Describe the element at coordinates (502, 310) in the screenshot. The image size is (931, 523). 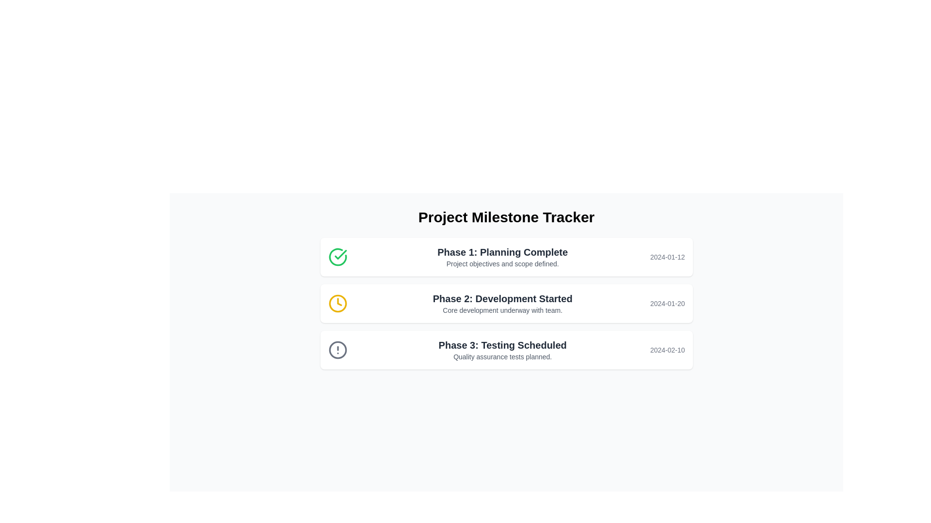
I see `text element displaying the phrase 'Core development underway with team.' which is located centrally below the header 'Phase 2: Development Started'` at that location.